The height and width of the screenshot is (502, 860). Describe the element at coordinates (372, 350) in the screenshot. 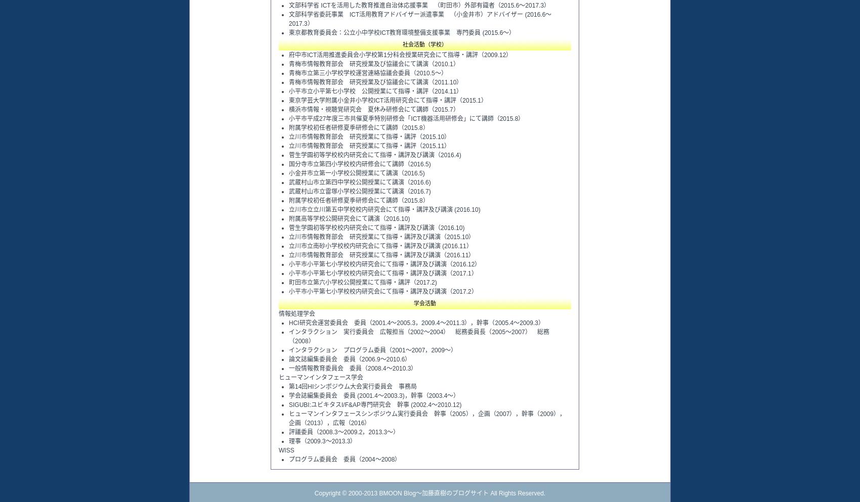

I see `'インタラクション　プログラム委員（2001～2007，2009〜）'` at that location.